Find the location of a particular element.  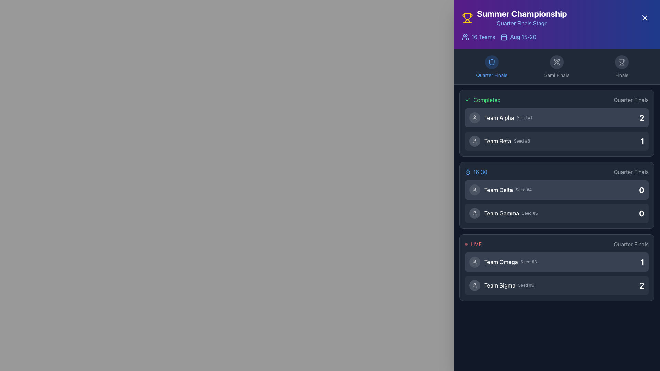

the circular icon with a dark gray background and a white user silhouette, located to the left of 'Team Delta Seed #4' under the '16:30' heading in the 'Quarter Finals' section is located at coordinates (474, 190).